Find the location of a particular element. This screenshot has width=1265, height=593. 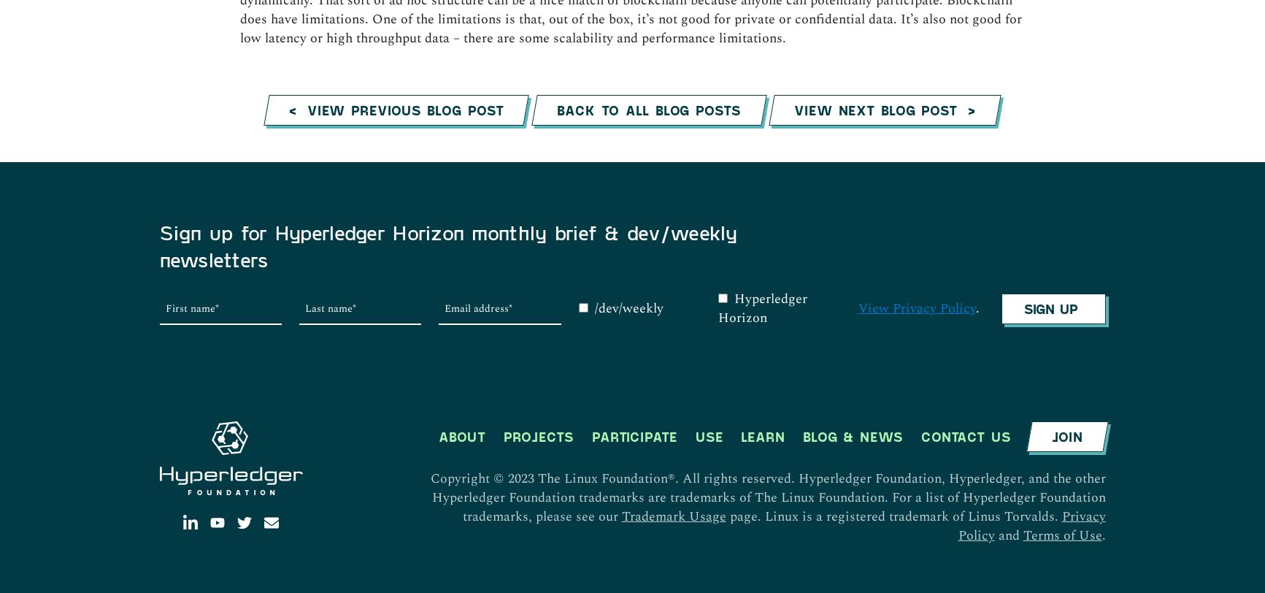

'Participate' is located at coordinates (633, 131).